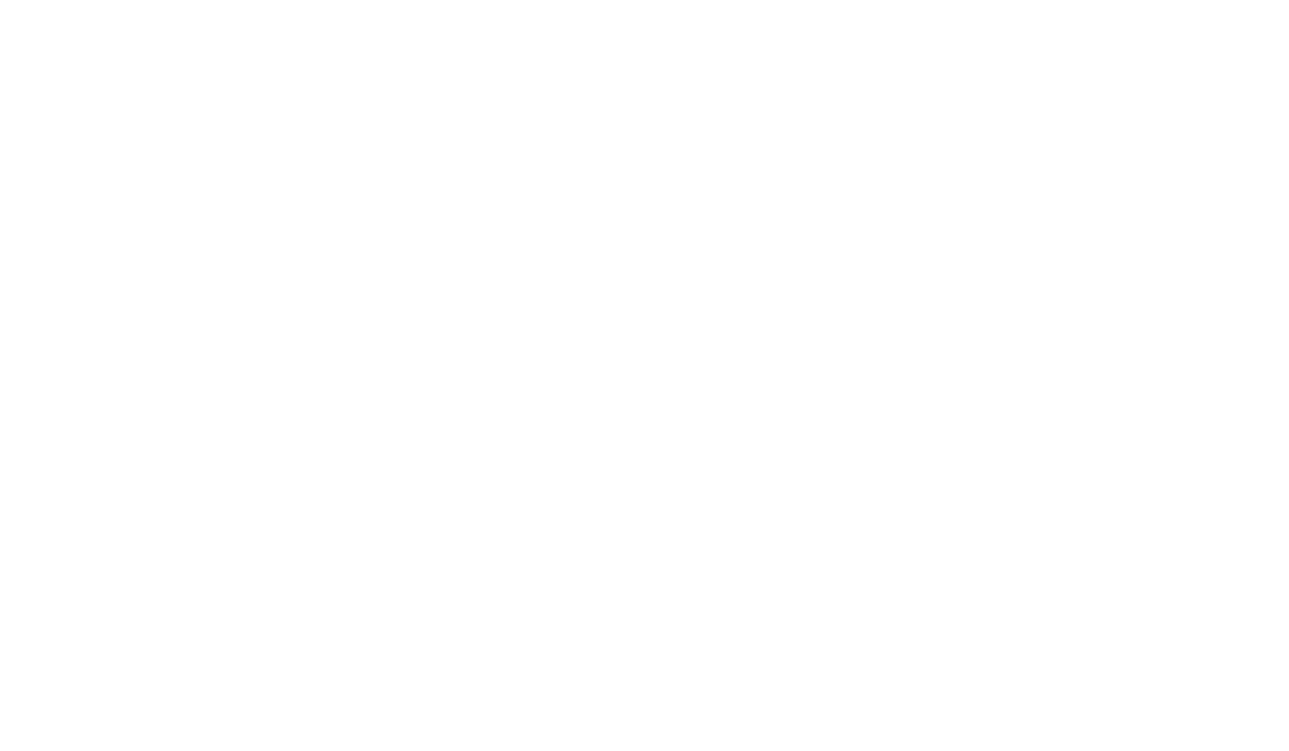 This screenshot has width=1289, height=751. I want to click on 'Take the challenge!', so click(558, 533).